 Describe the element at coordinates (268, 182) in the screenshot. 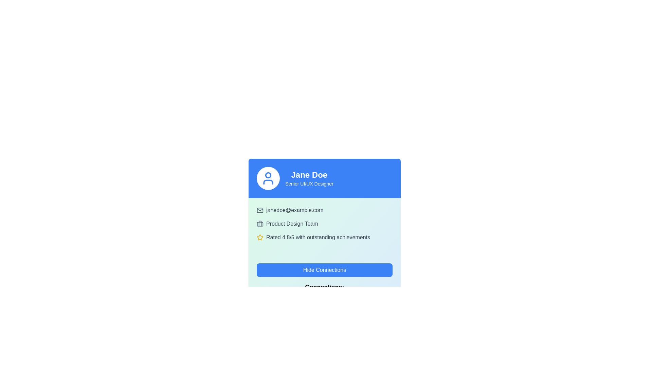

I see `the lower component of the user icon, which visually represents the body and is located directly below the circular head in the user profile section` at that location.